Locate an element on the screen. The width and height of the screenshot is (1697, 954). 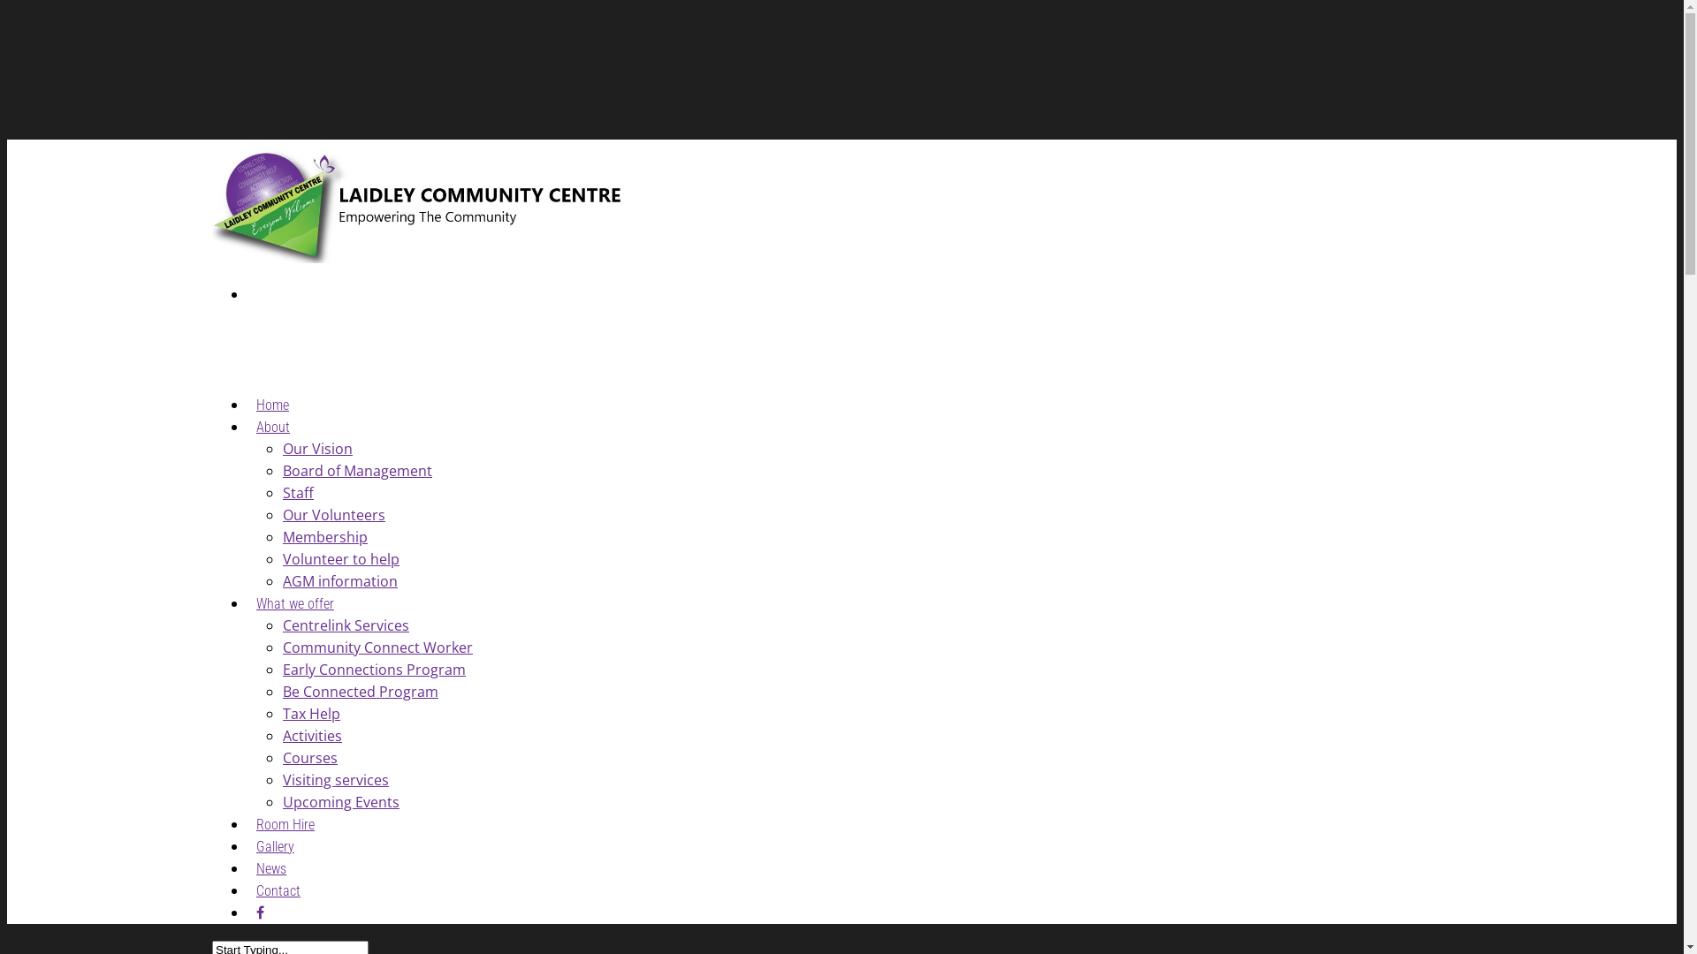
'Tax Help' is located at coordinates (311, 712).